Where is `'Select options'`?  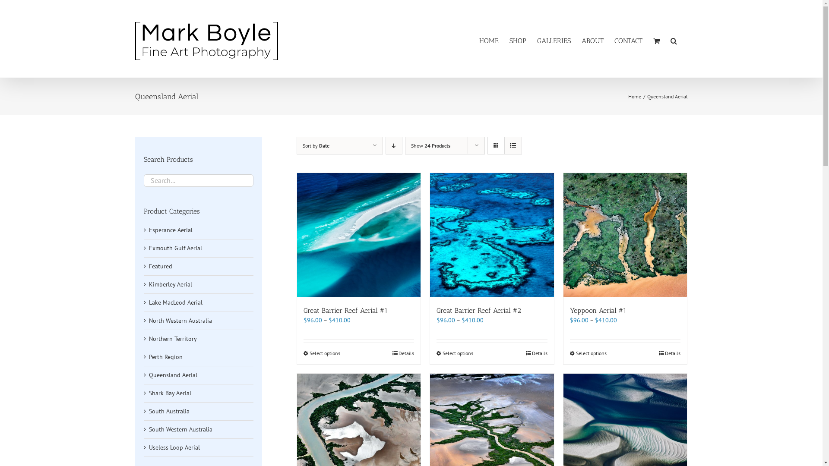 'Select options' is located at coordinates (321, 353).